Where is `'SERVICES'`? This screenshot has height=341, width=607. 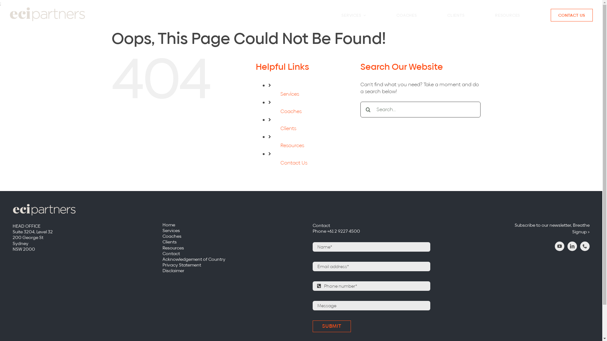 'SERVICES' is located at coordinates (353, 15).